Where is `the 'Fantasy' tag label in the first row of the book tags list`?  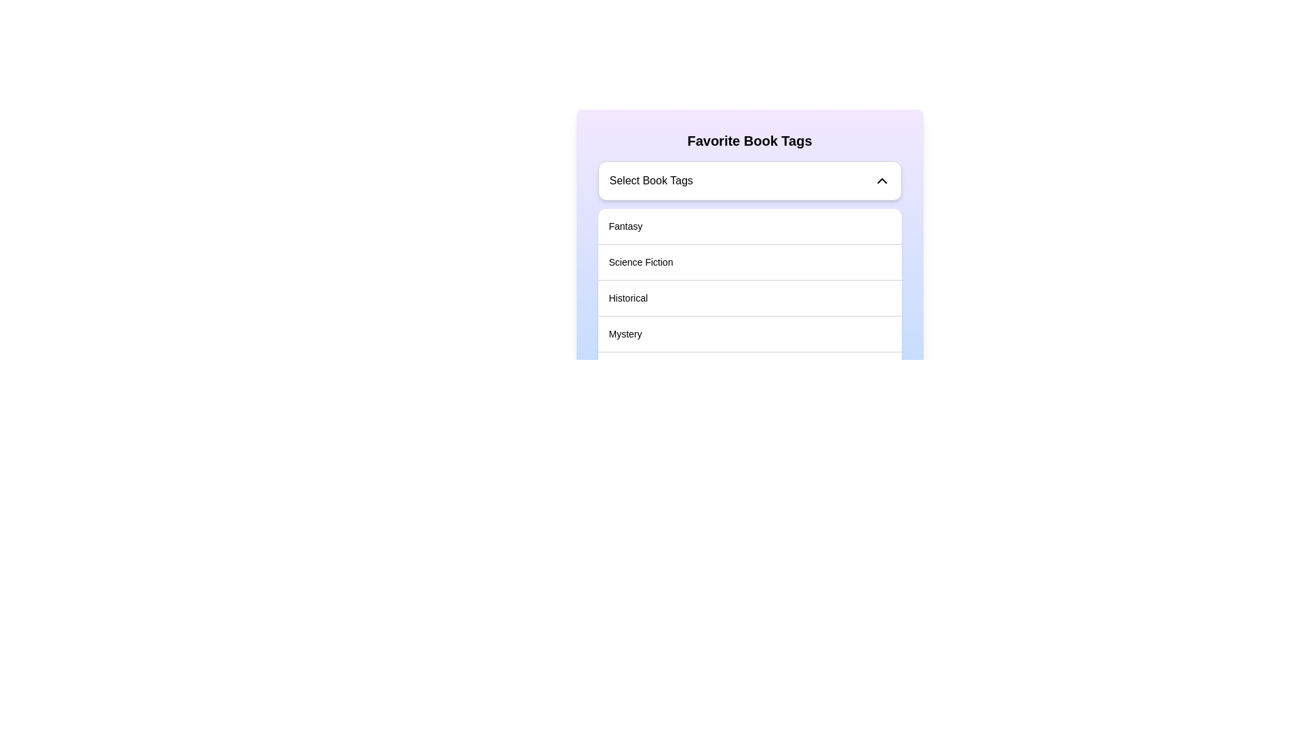
the 'Fantasy' tag label in the first row of the book tags list is located at coordinates (625, 226).